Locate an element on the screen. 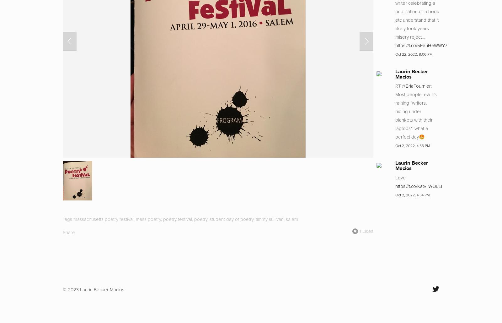 The width and height of the screenshot is (502, 323). 'Oct 2, 2022, 4:56 PM' is located at coordinates (412, 145).